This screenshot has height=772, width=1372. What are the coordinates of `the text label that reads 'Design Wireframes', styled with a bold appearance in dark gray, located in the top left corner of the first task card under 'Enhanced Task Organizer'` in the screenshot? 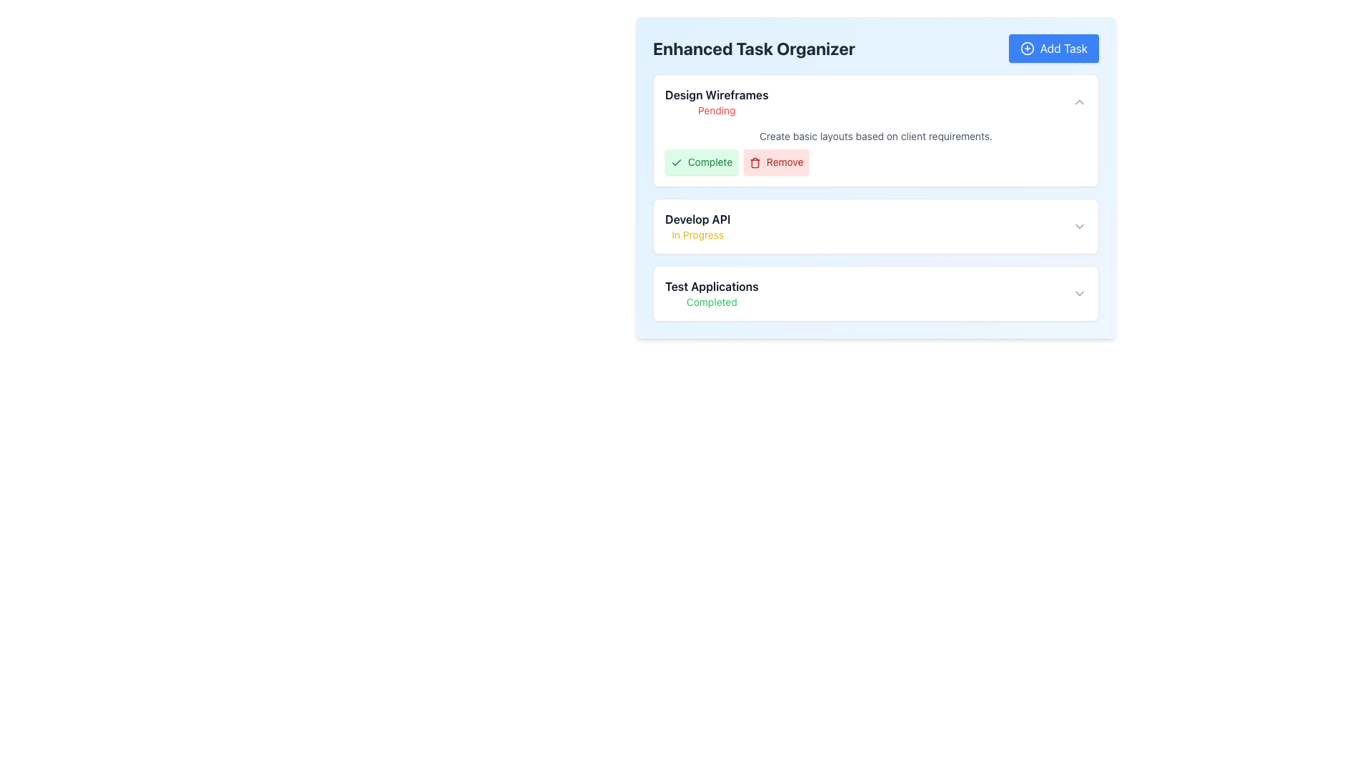 It's located at (717, 94).